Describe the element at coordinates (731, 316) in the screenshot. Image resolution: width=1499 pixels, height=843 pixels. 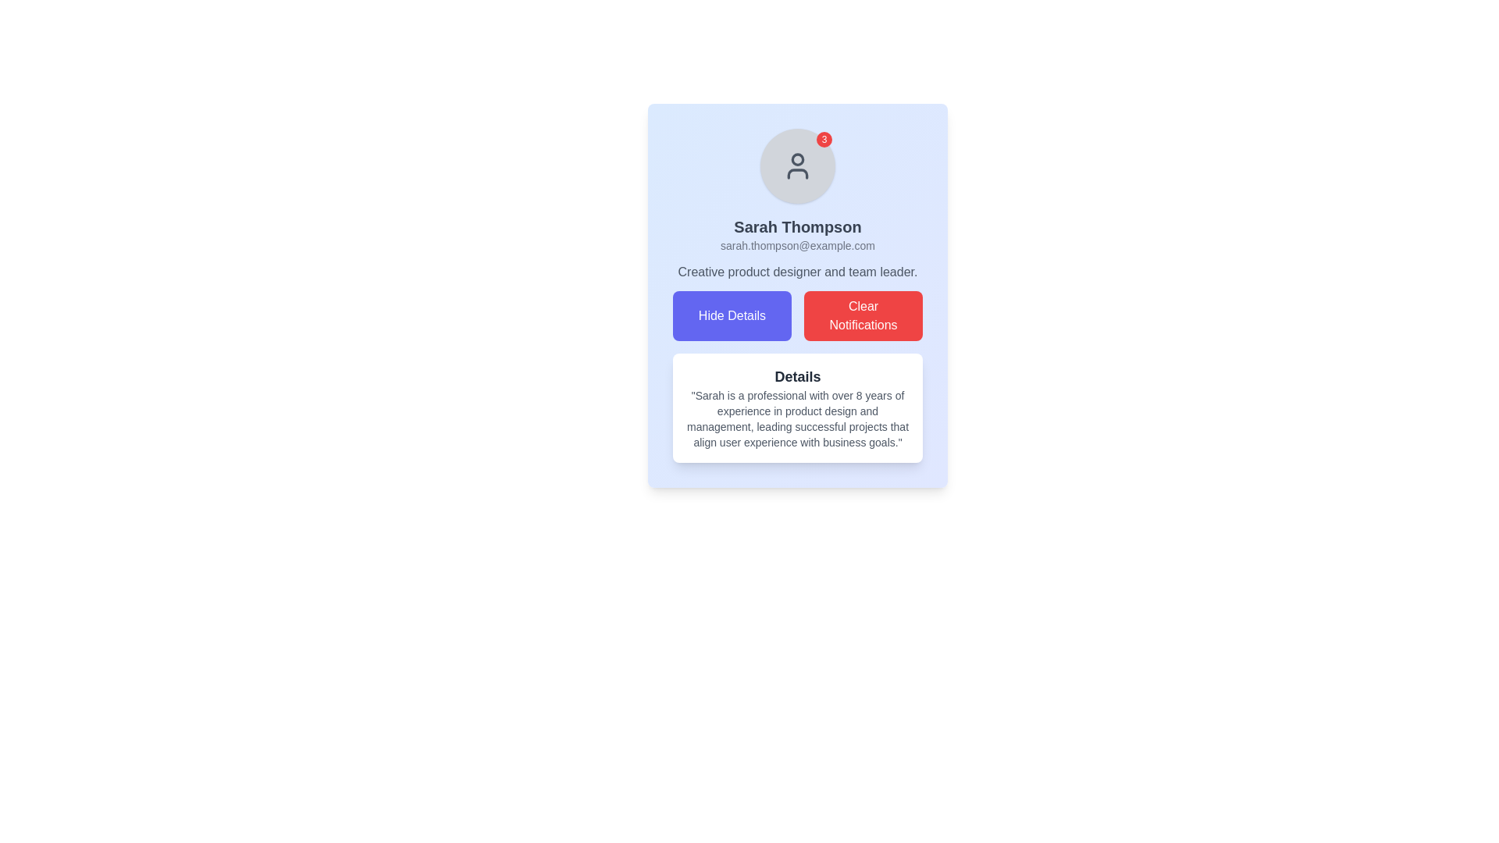
I see `the first button in the grid that hides the details section, positioned below the user information section, to change its color` at that location.